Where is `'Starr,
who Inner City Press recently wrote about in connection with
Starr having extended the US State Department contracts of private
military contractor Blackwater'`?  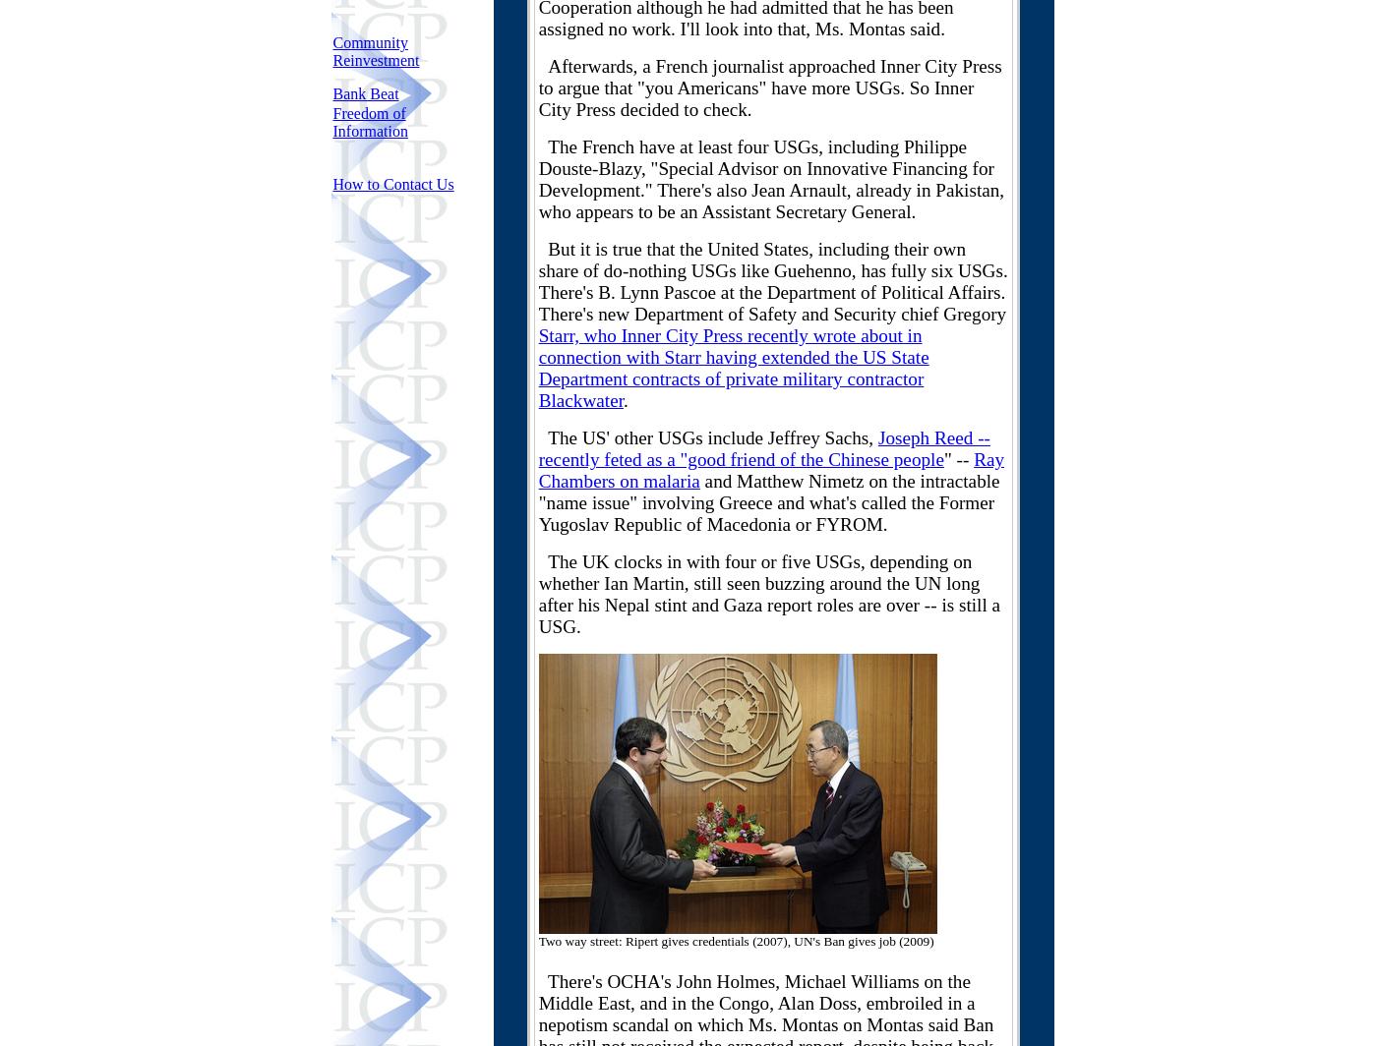
'Starr,
who Inner City Press recently wrote about in connection with
Starr having extended the US State Department contracts of private
military contractor Blackwater' is located at coordinates (537, 368).